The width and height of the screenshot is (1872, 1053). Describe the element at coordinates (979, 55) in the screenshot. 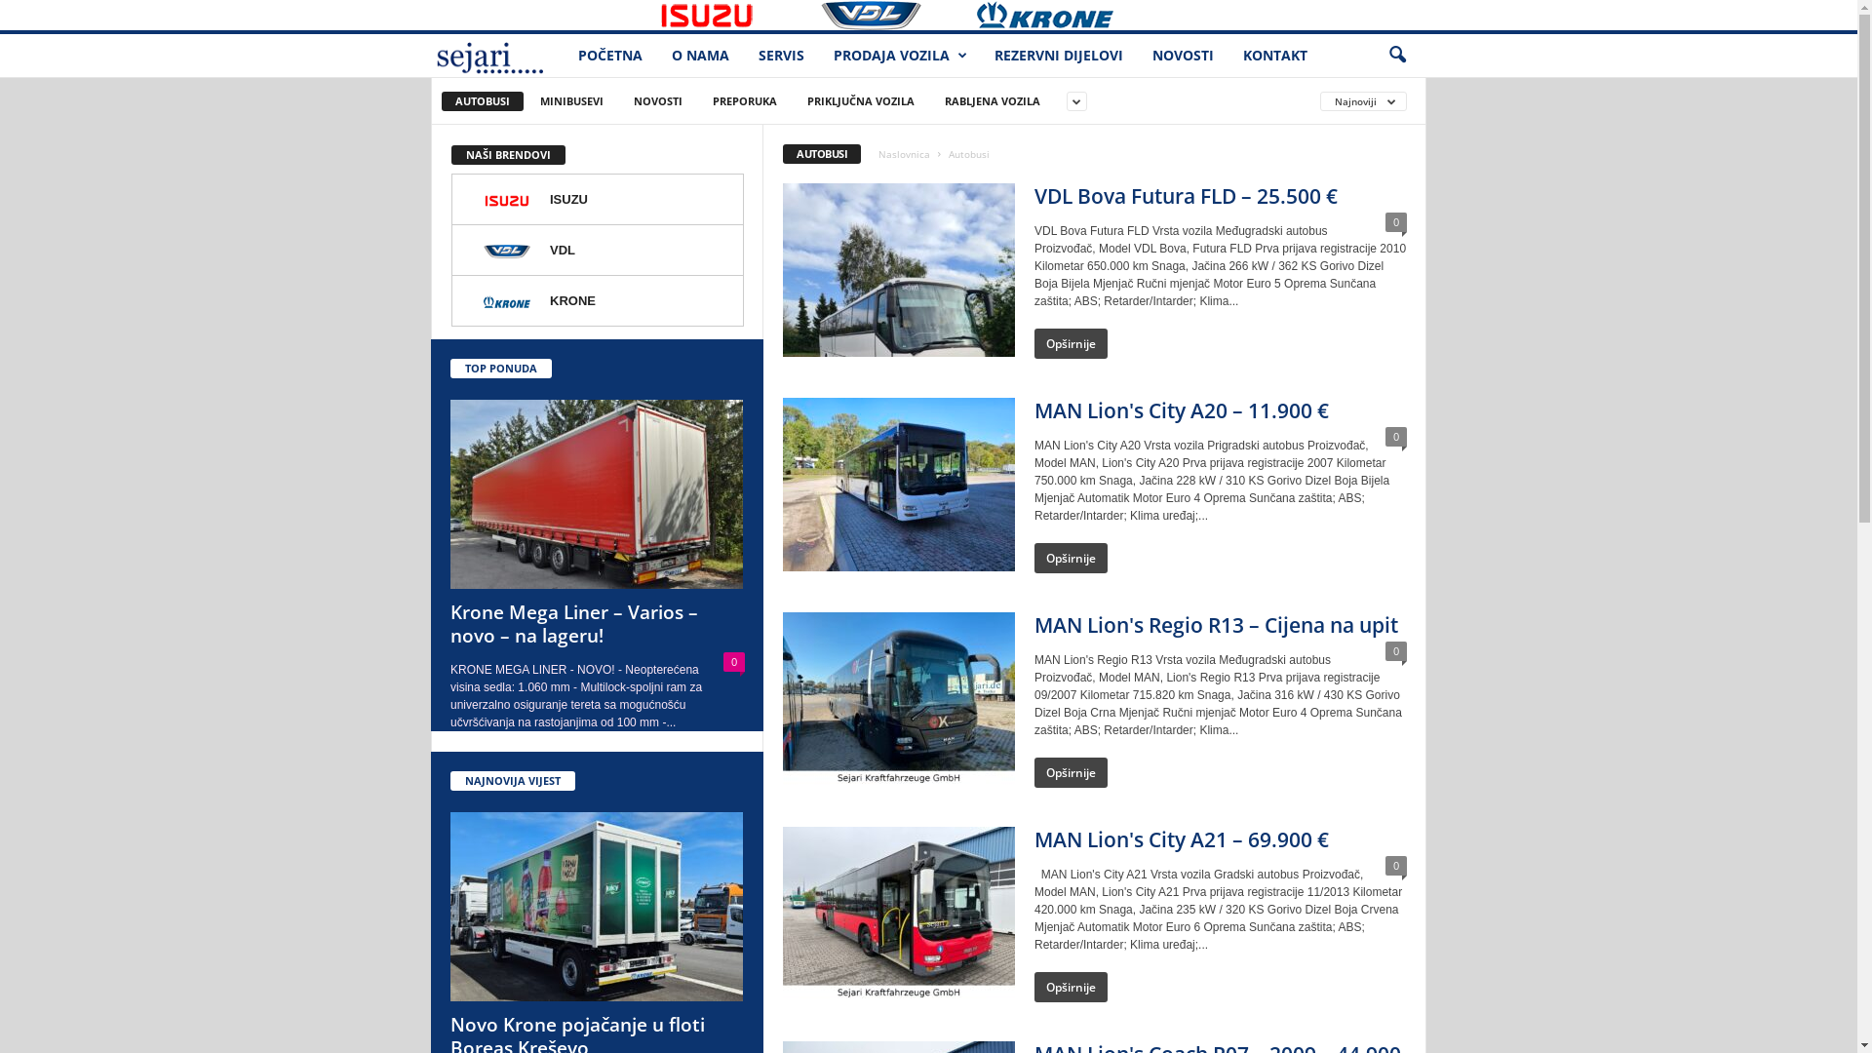

I see `'REZERVNI DIJELOVI'` at that location.